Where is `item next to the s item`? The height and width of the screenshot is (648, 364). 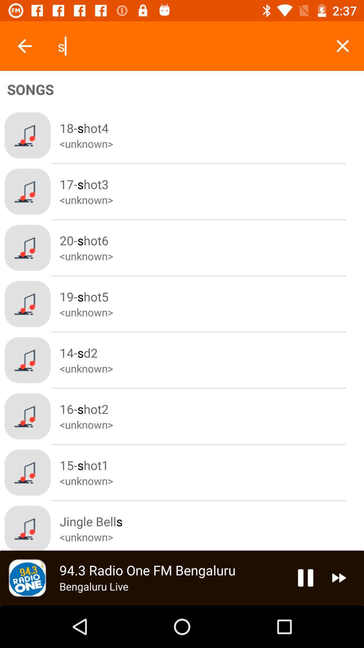
item next to the s item is located at coordinates (343, 46).